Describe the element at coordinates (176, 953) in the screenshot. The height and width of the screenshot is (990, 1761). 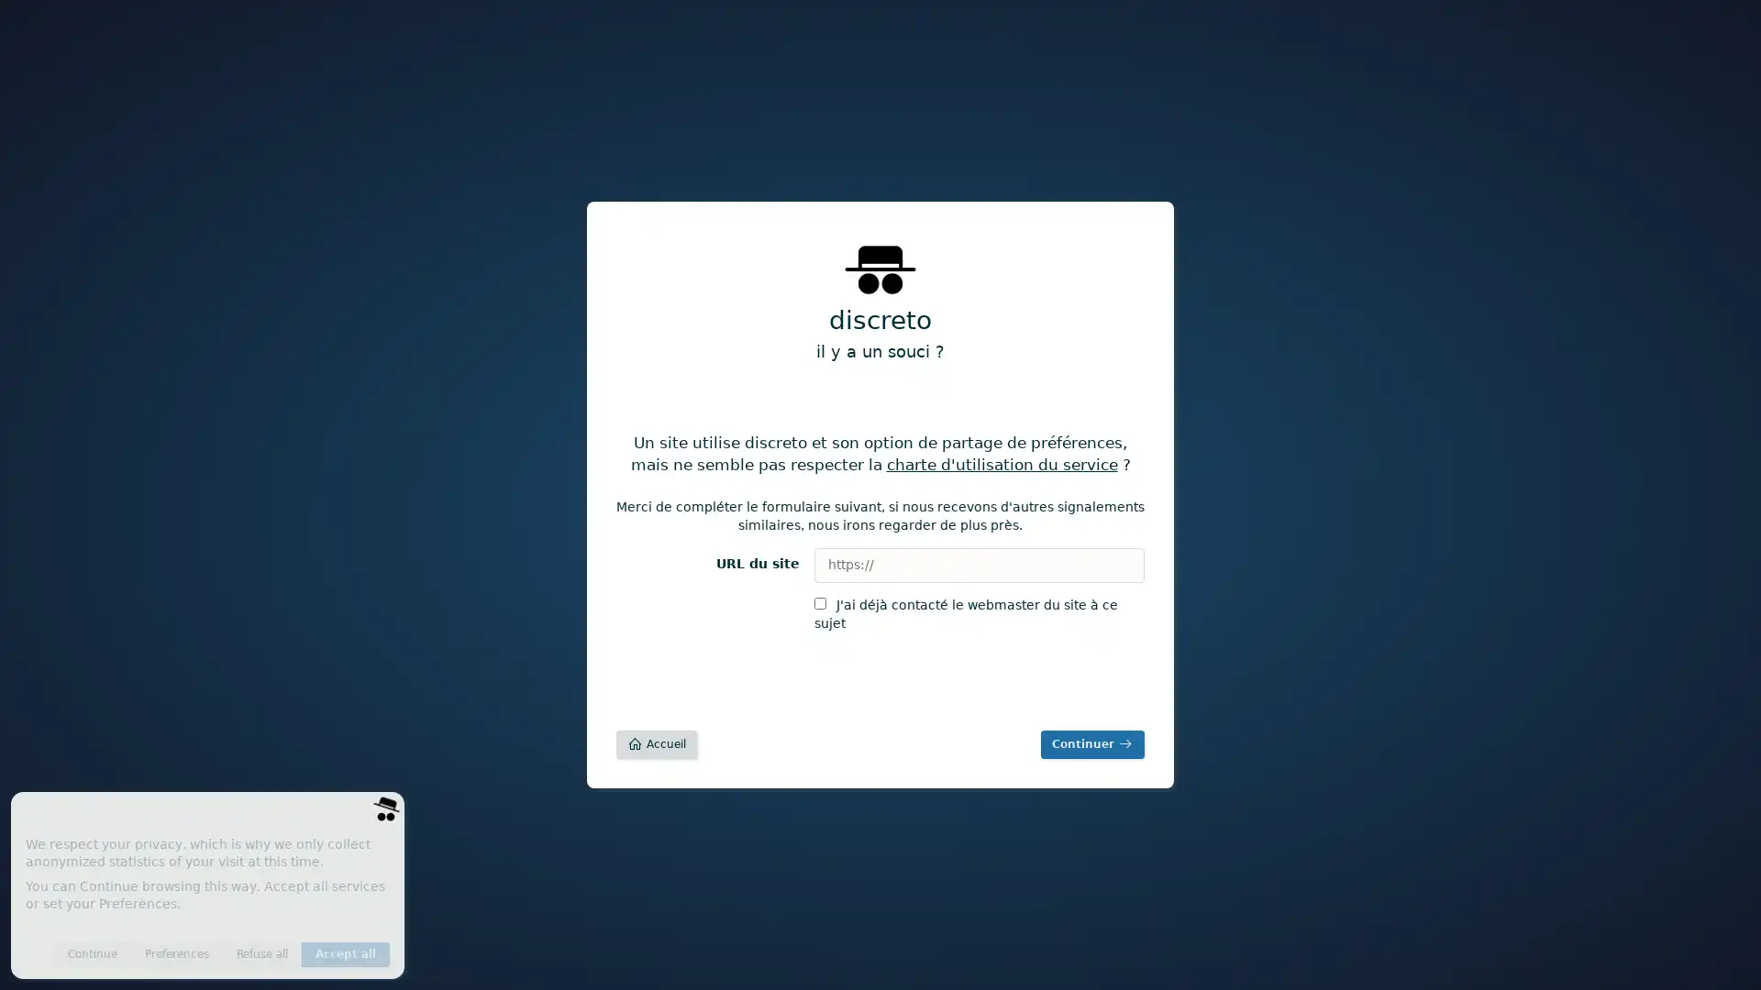
I see `Preferences` at that location.